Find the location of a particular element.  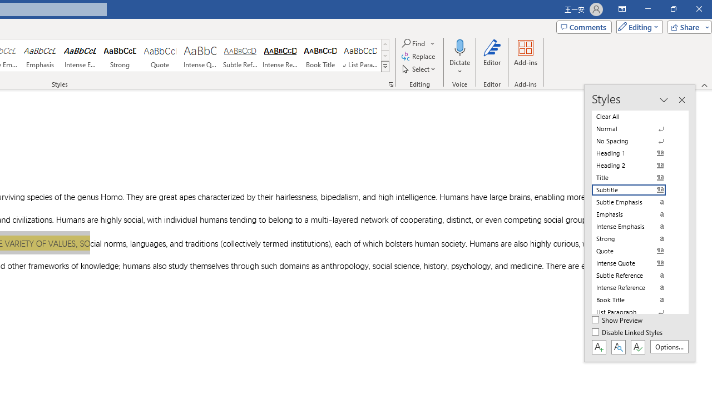

'No Spacing' is located at coordinates (635, 141).